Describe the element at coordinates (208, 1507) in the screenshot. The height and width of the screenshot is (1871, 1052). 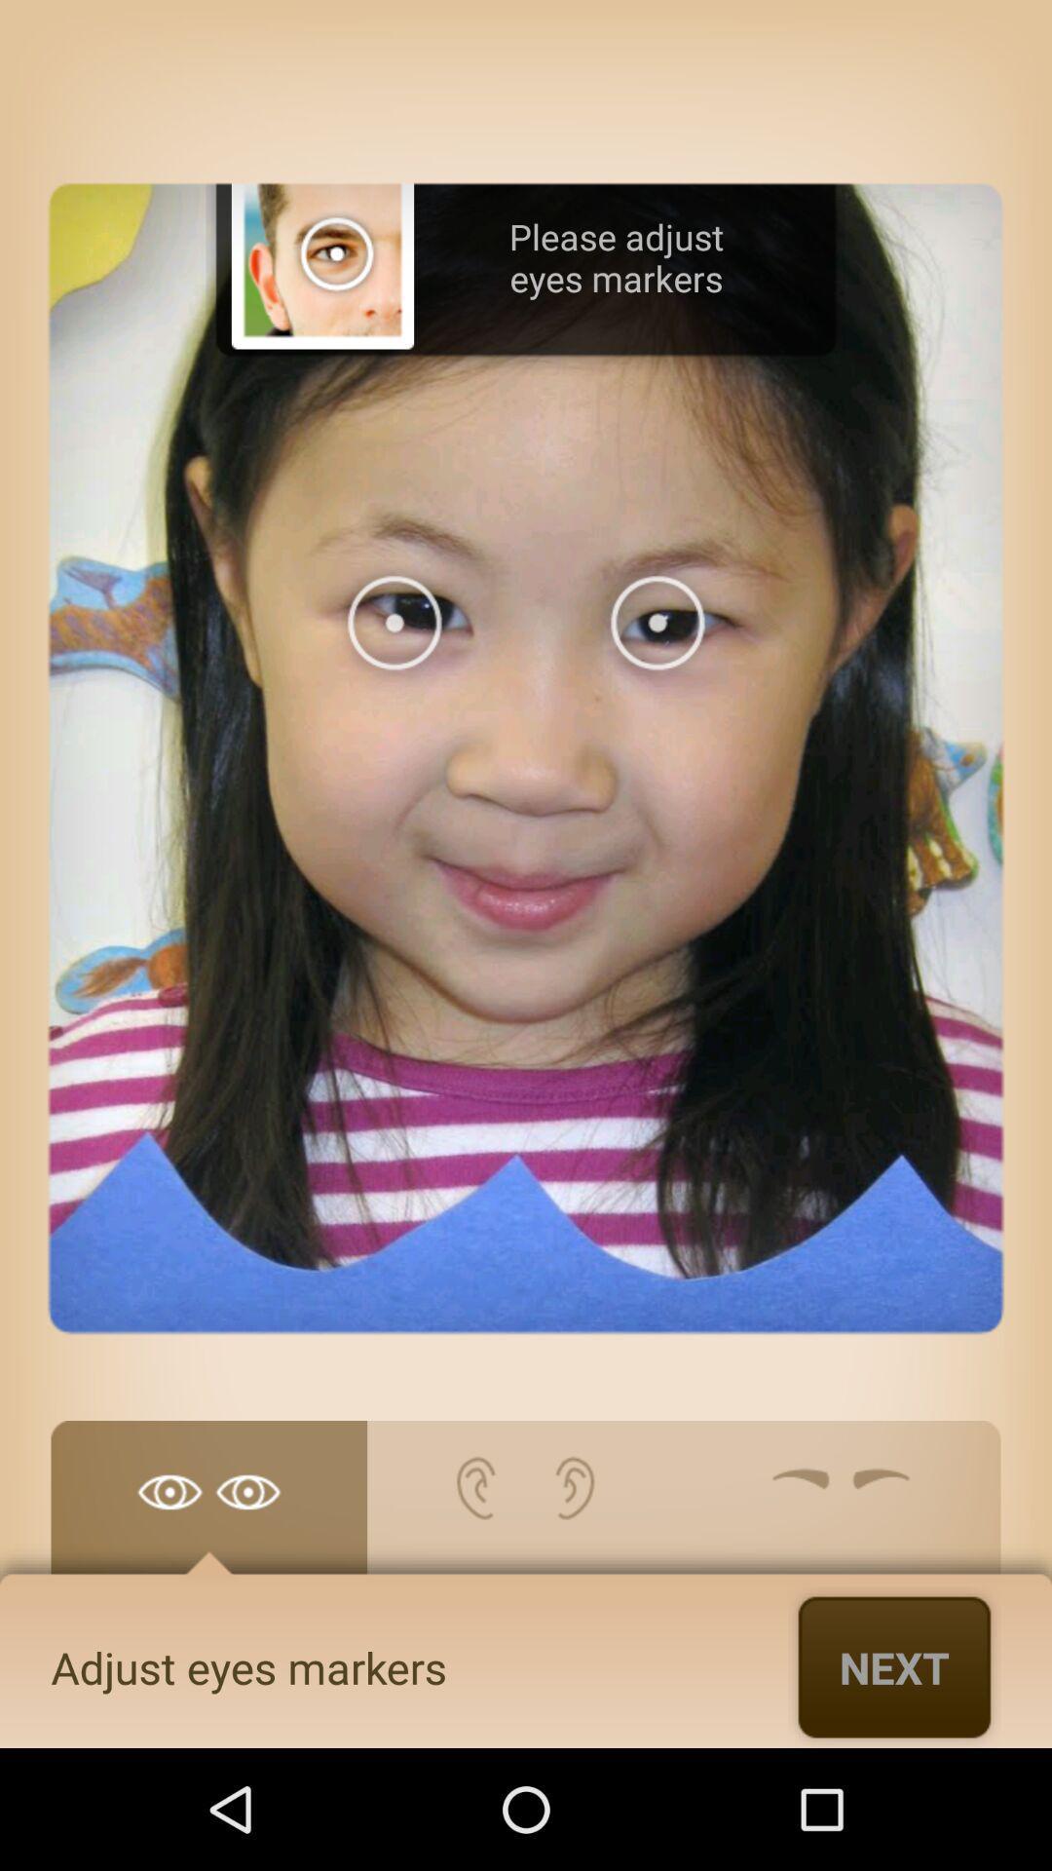
I see `adjust eye markers` at that location.